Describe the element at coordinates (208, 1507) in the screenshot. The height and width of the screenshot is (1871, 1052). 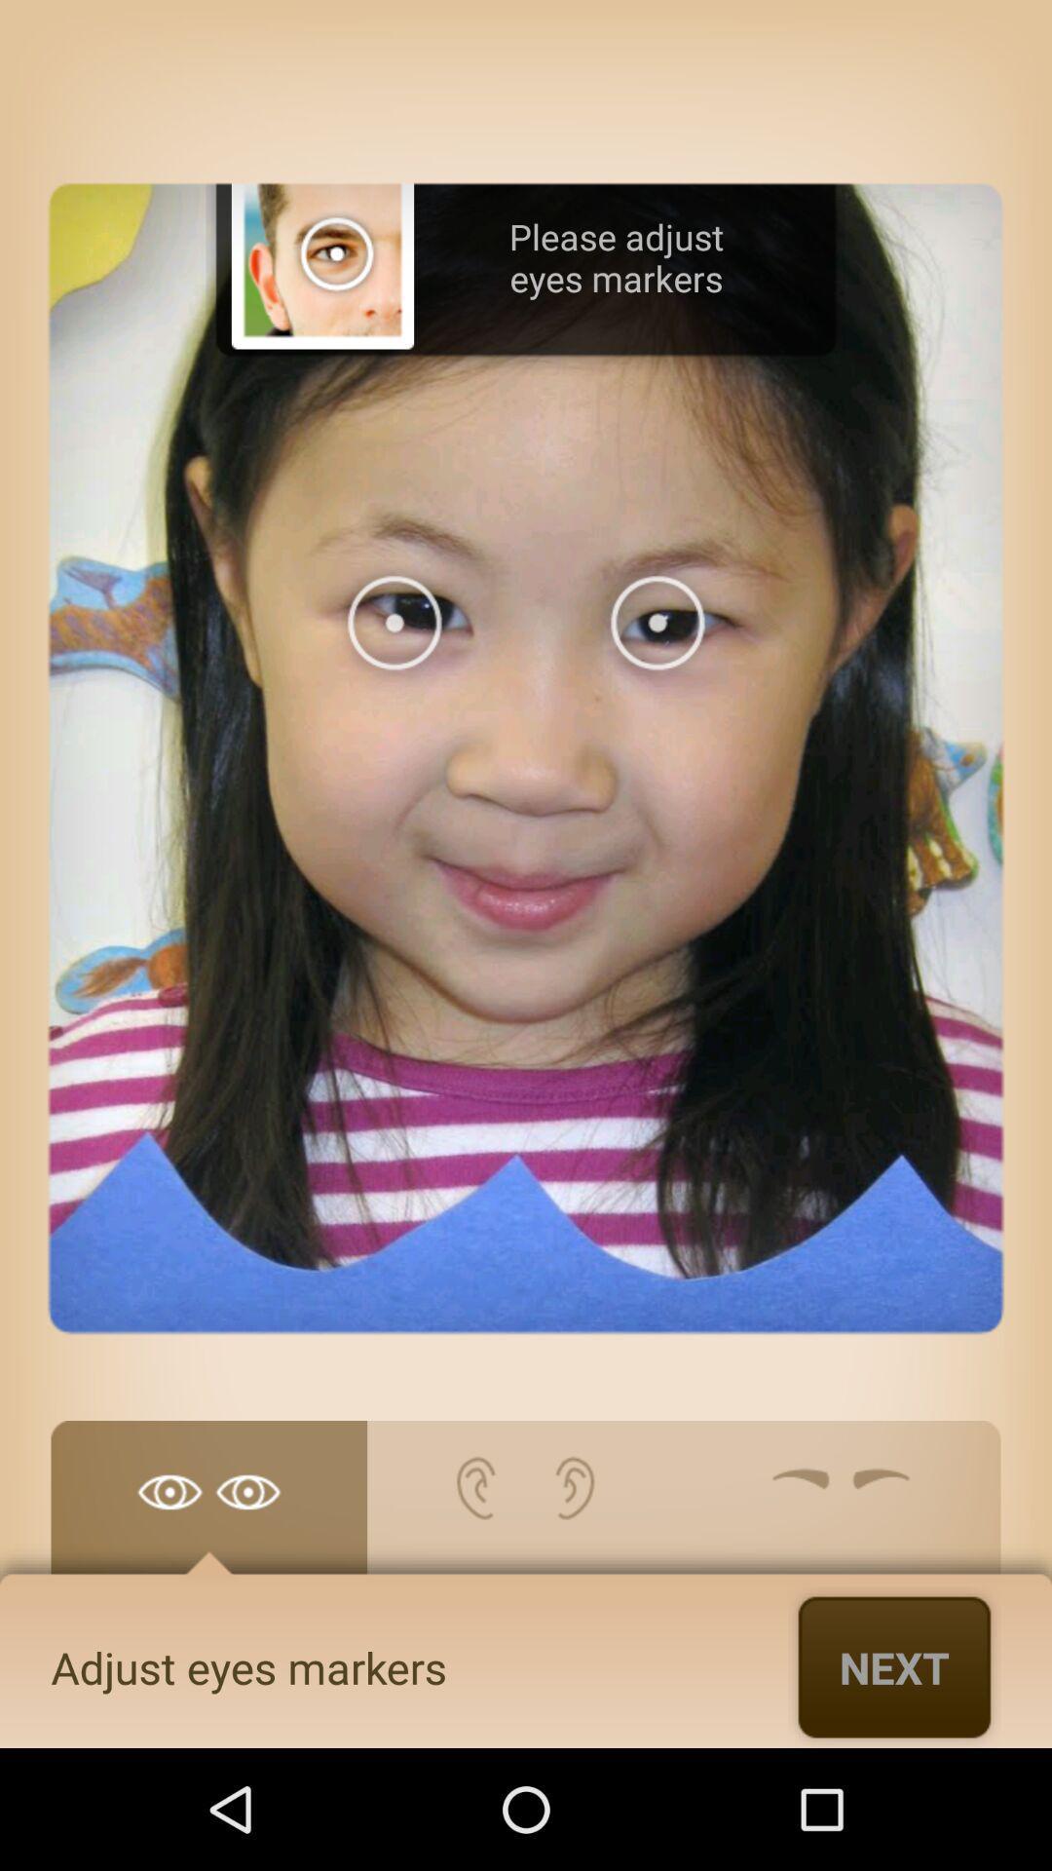
I see `adjust eye markers` at that location.